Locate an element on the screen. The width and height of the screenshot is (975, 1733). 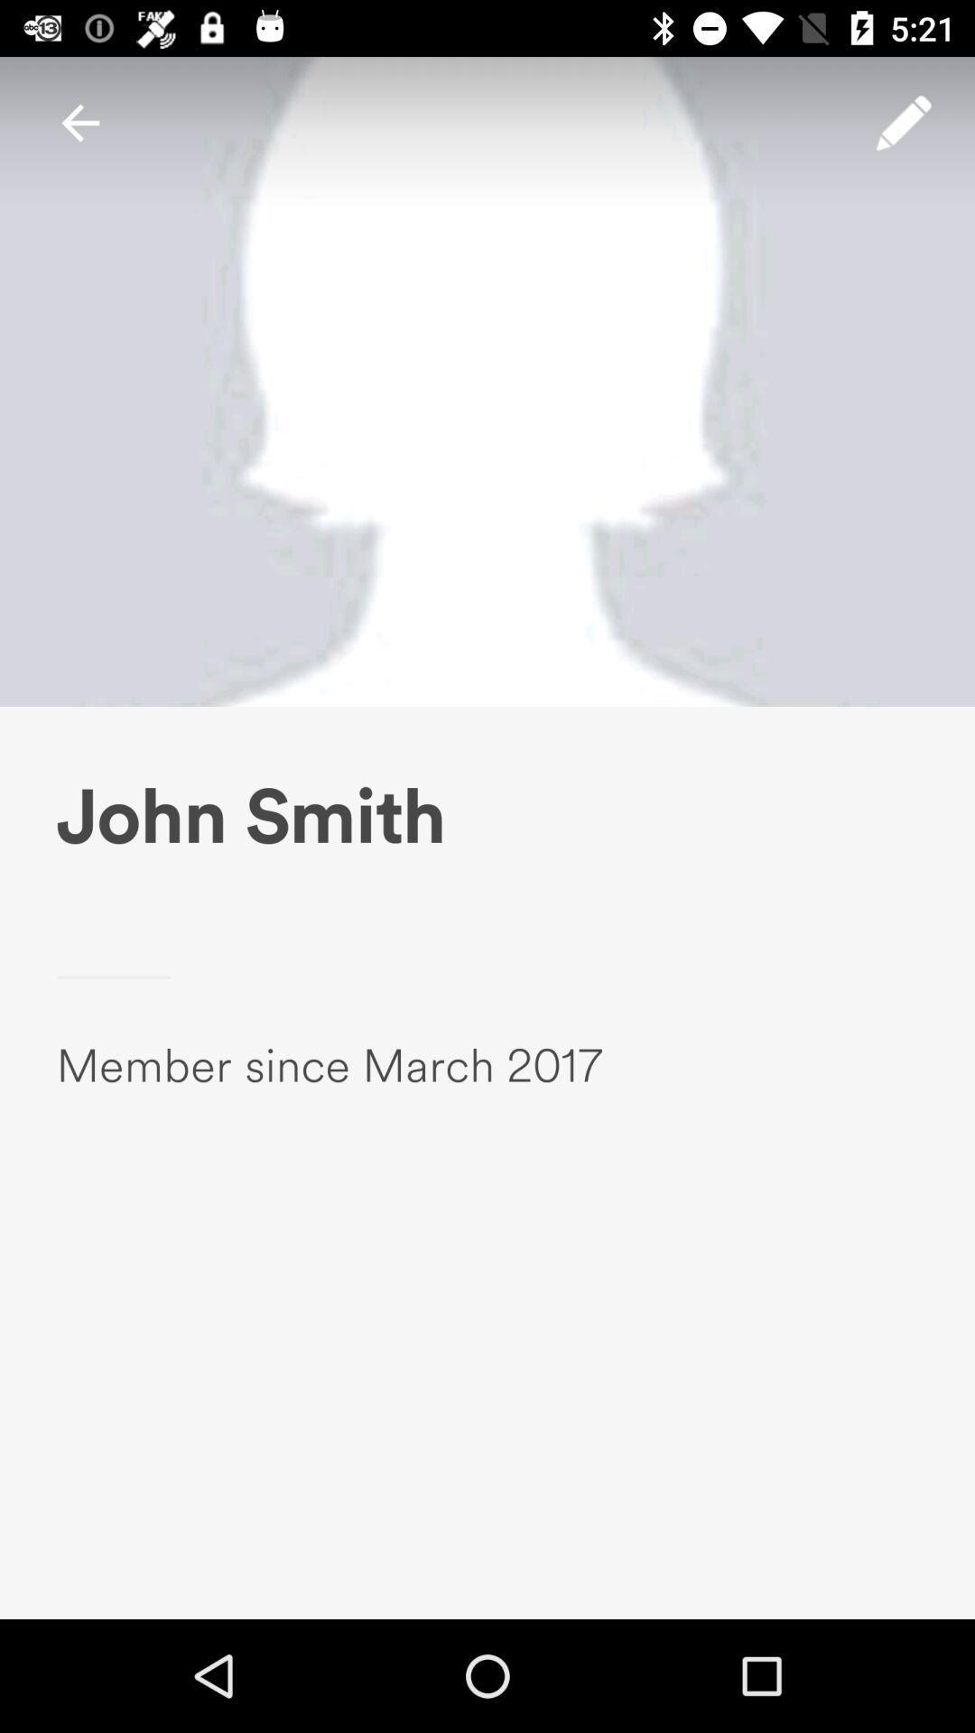
the item above the john smith is located at coordinates (904, 122).